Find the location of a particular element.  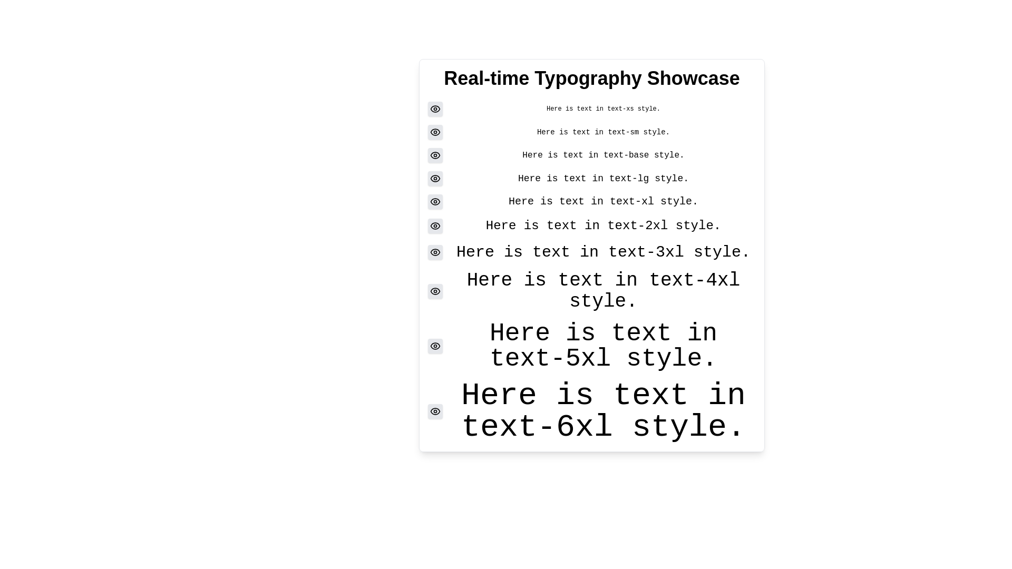

the text display component that shows sample text in text-xs style, positioned at the top of the 'Real-time Typography Showcase' section is located at coordinates (592, 109).